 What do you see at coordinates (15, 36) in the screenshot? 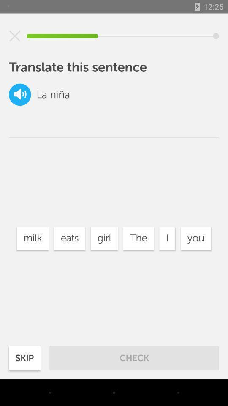
I see `it will exit the screen` at bounding box center [15, 36].